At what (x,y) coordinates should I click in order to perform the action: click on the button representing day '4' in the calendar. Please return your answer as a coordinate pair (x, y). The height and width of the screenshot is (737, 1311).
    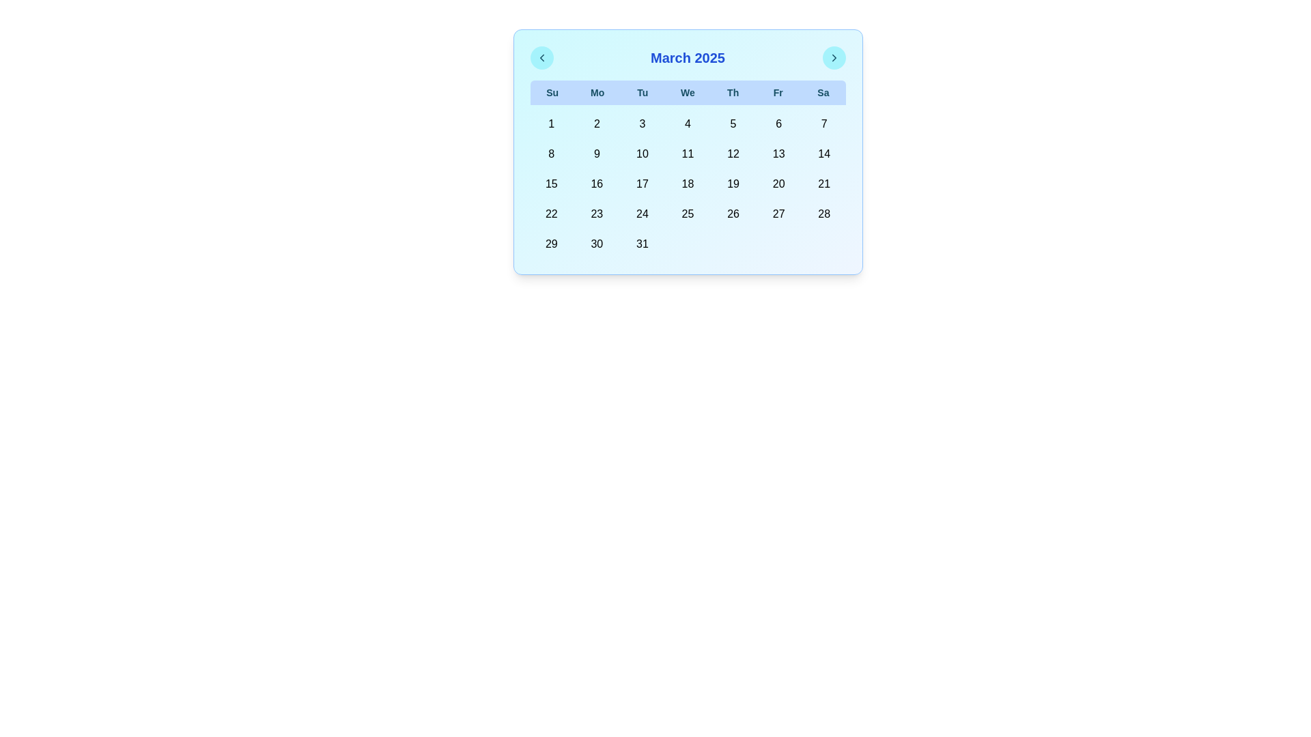
    Looking at the image, I should click on (688, 124).